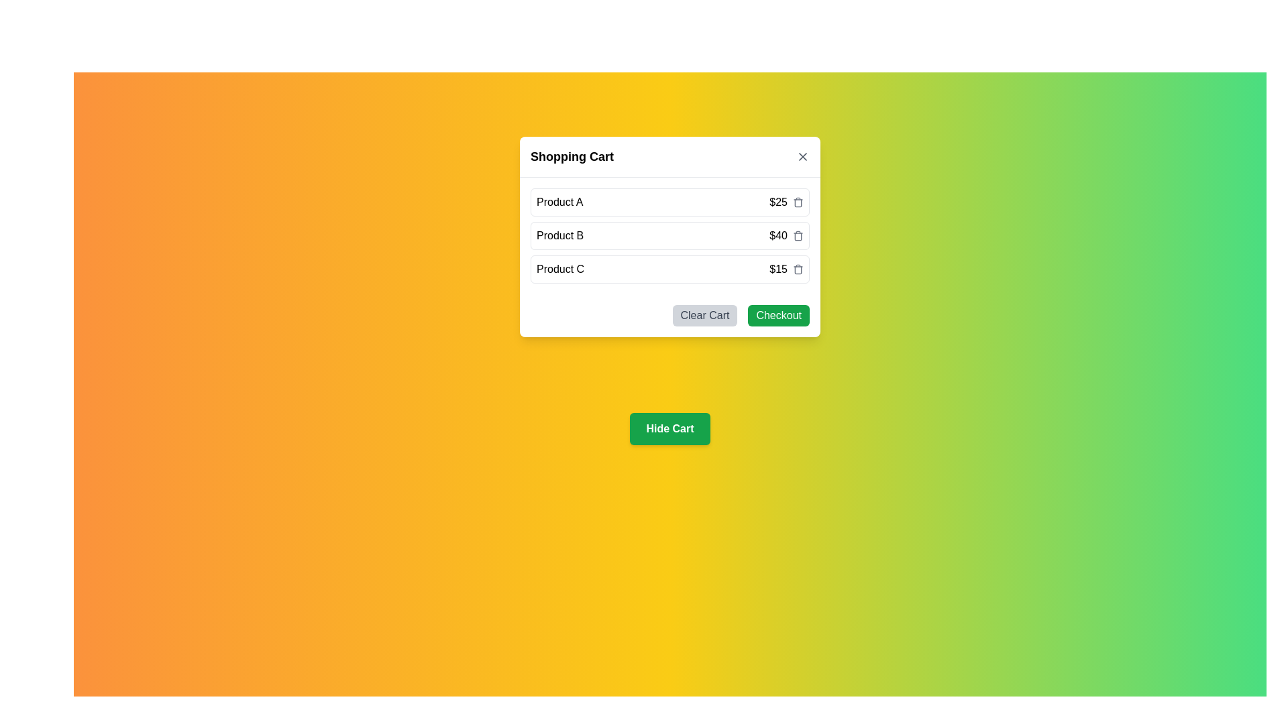 The width and height of the screenshot is (1288, 724). I want to click on the Header section of the modal window that contains the bold text 'Shopping Cart' for modal identification, so click(669, 156).